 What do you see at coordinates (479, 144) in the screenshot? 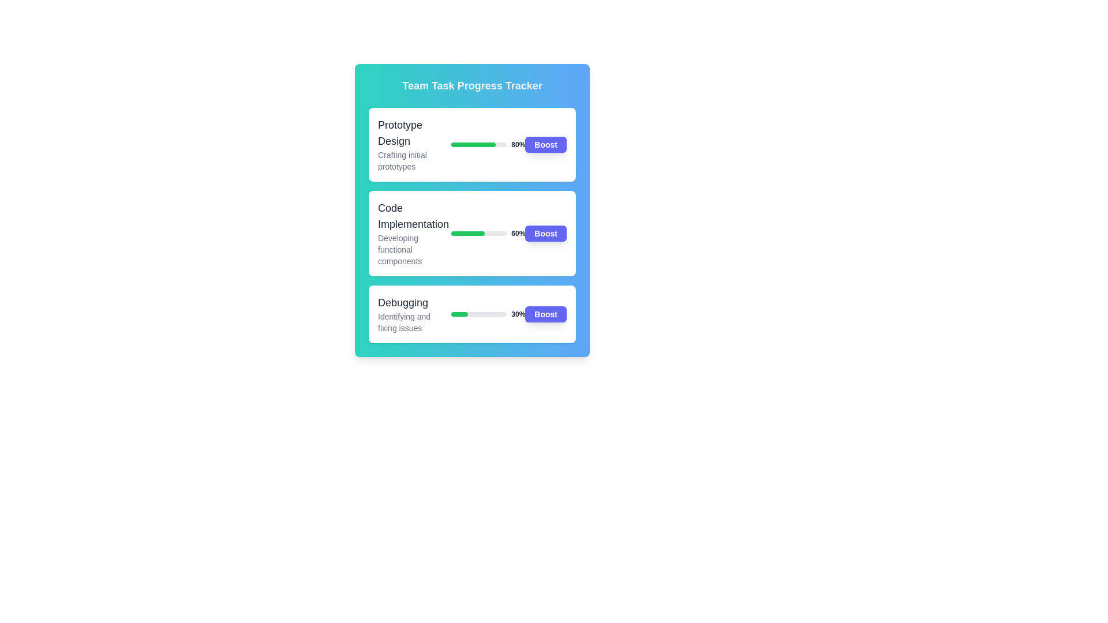
I see `the progress bar indicating the completion of the 'Prototype Design' task, which is styled with a gray base and a green filled section covering 80% of its width` at bounding box center [479, 144].